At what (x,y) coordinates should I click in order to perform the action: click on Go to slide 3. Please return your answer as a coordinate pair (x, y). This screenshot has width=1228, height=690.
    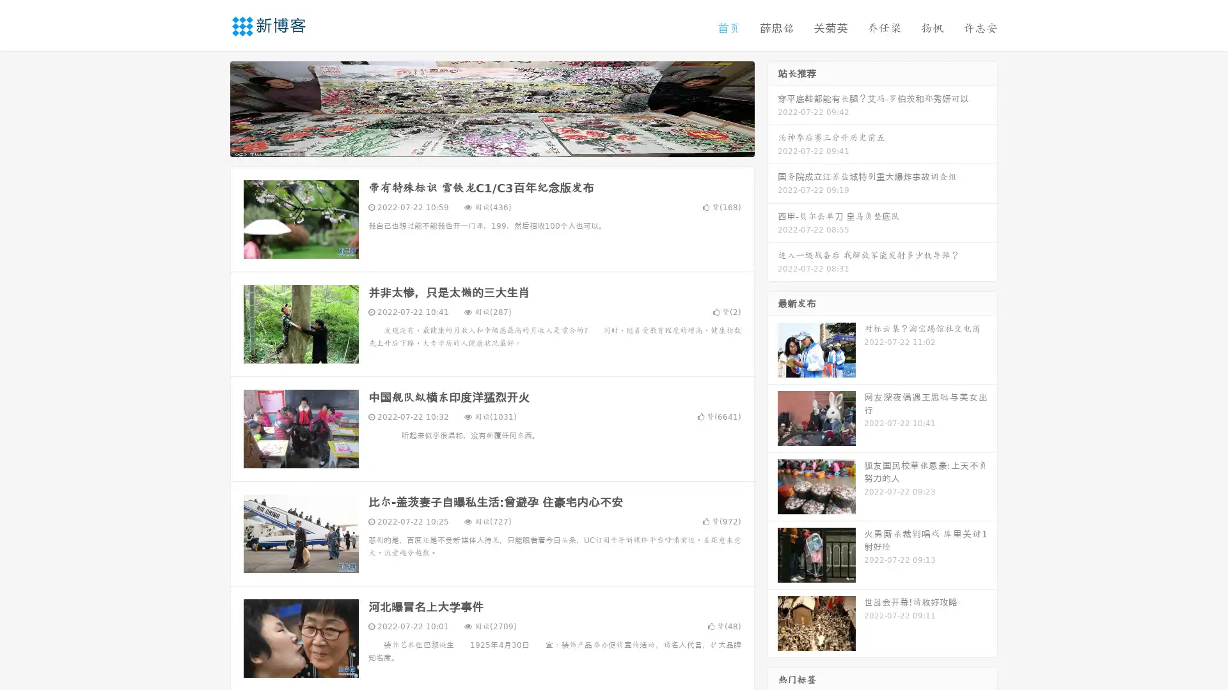
    Looking at the image, I should click on (505, 144).